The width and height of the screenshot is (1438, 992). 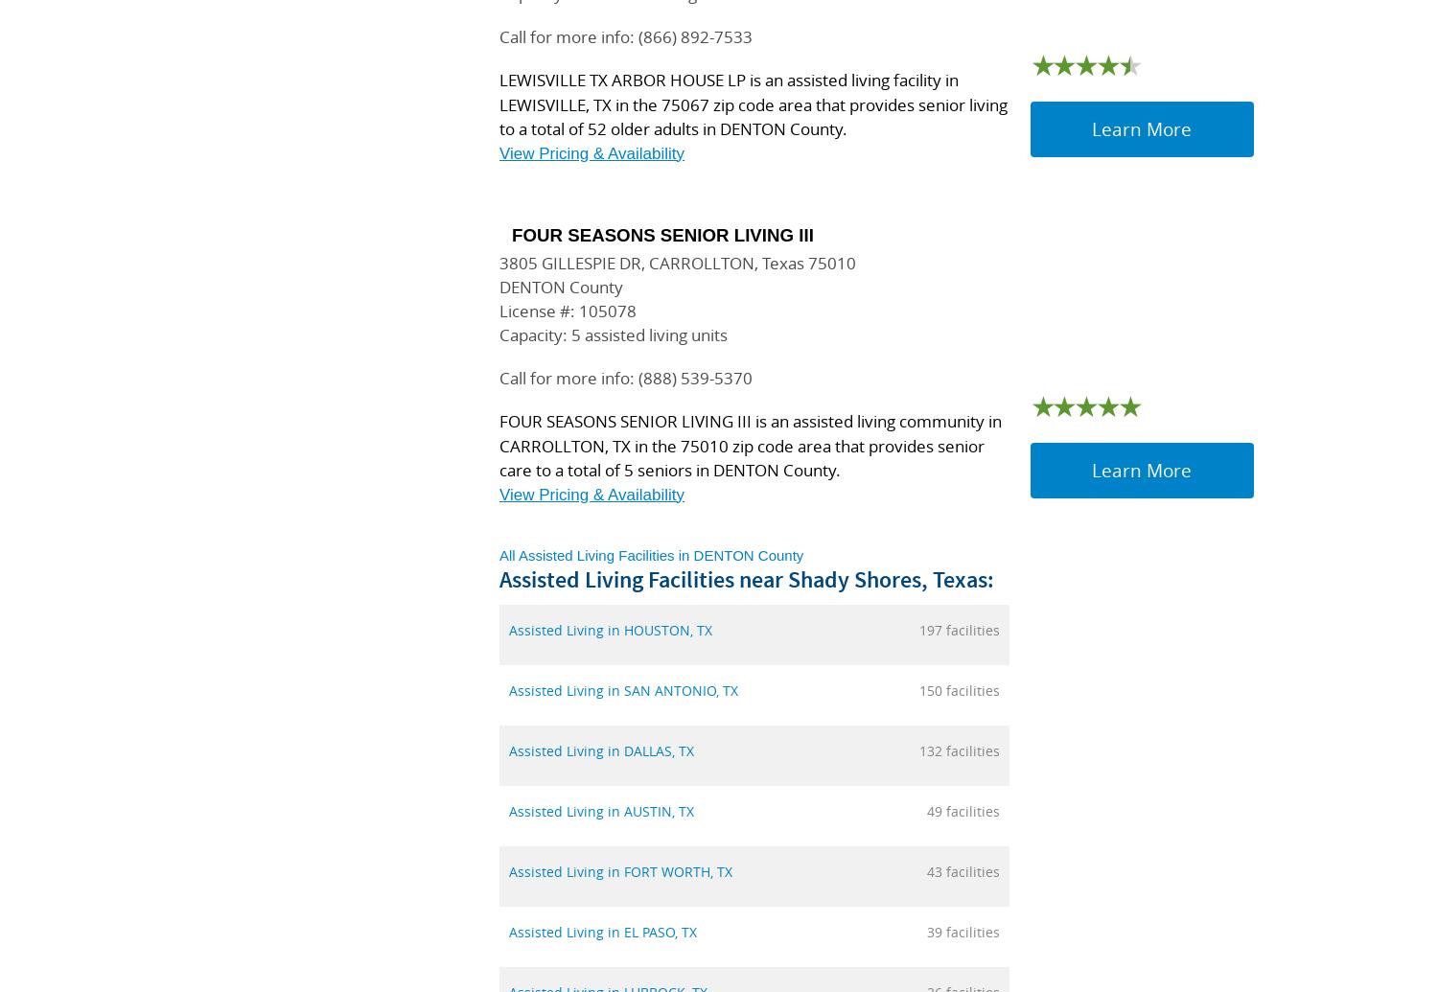 I want to click on 'Assisted Living in DALLAS, TX', so click(x=601, y=750).